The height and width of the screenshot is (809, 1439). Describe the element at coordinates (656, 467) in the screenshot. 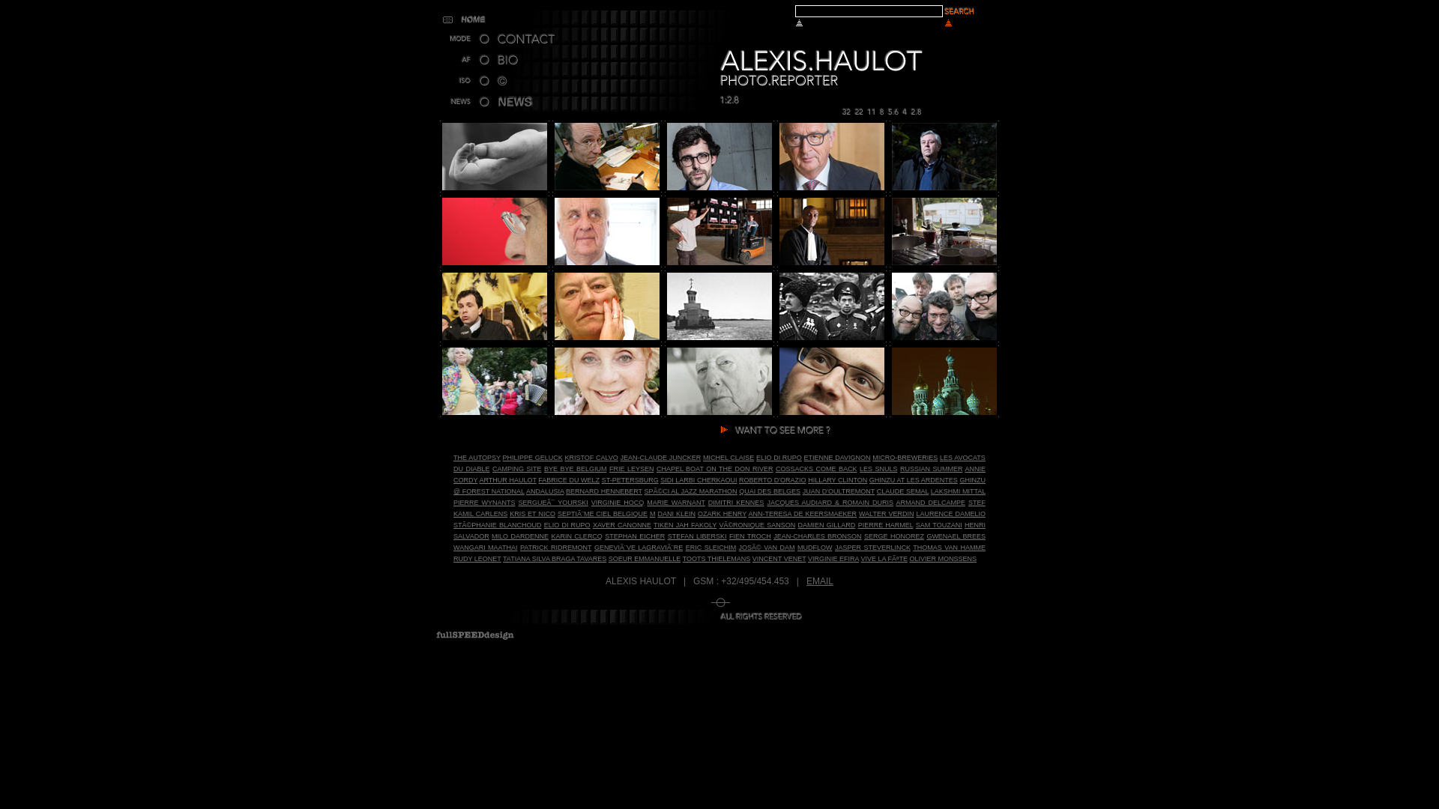

I see `'CHAPEL BOAT ON THE DON RIVER'` at that location.